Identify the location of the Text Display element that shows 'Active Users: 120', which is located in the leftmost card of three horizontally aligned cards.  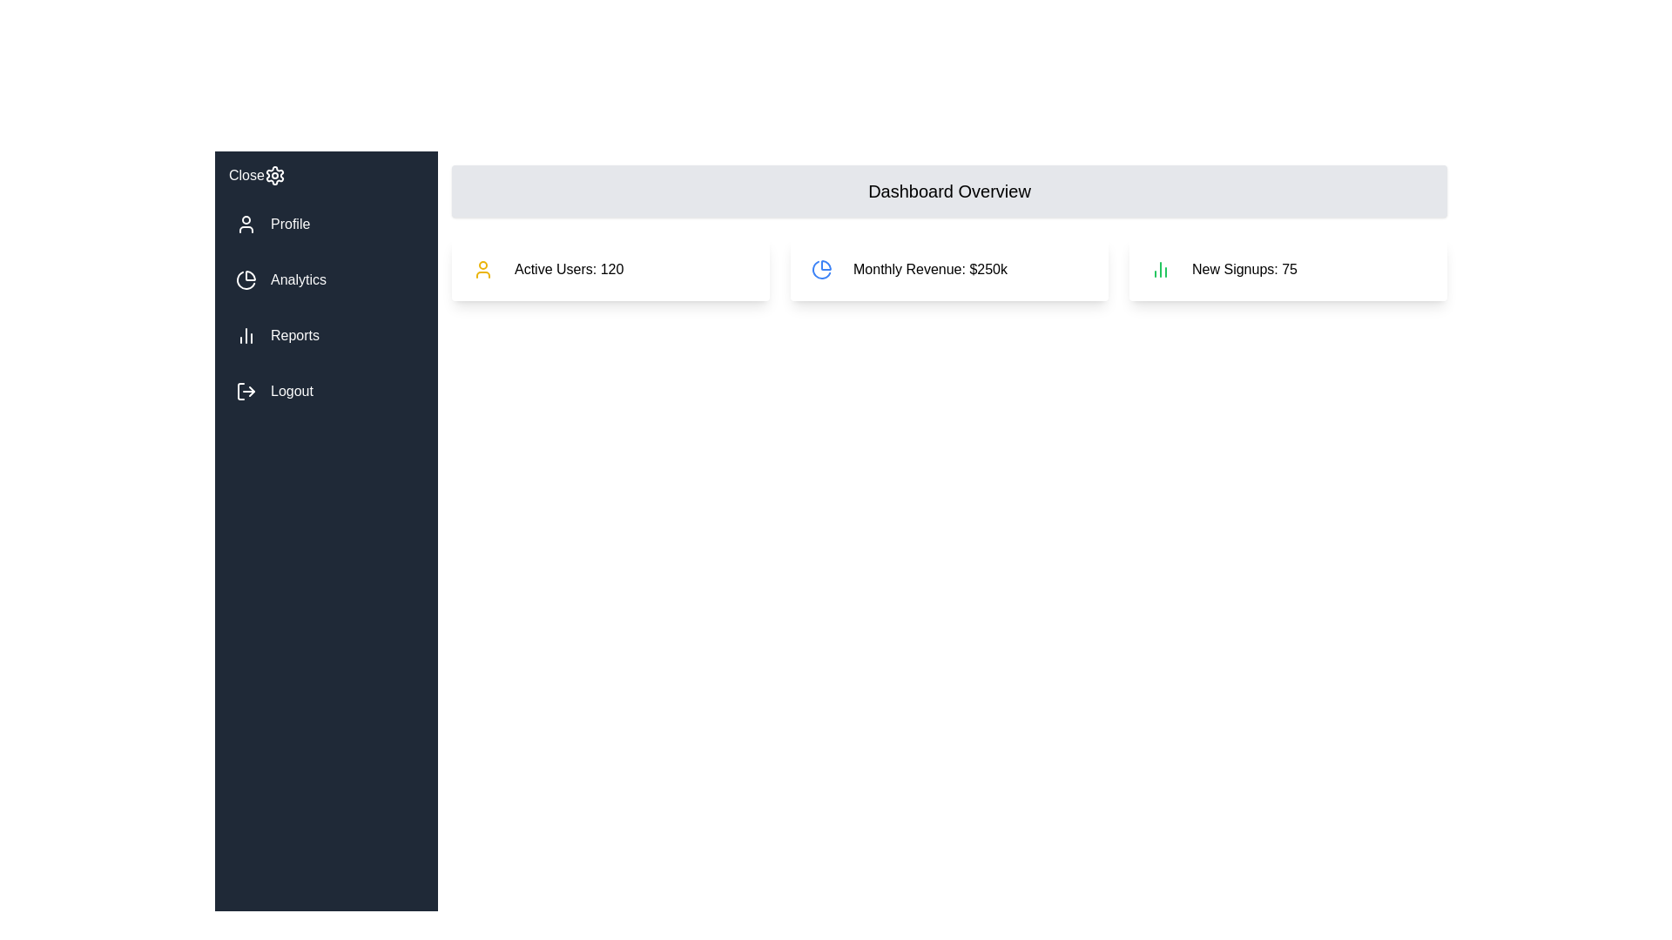
(569, 269).